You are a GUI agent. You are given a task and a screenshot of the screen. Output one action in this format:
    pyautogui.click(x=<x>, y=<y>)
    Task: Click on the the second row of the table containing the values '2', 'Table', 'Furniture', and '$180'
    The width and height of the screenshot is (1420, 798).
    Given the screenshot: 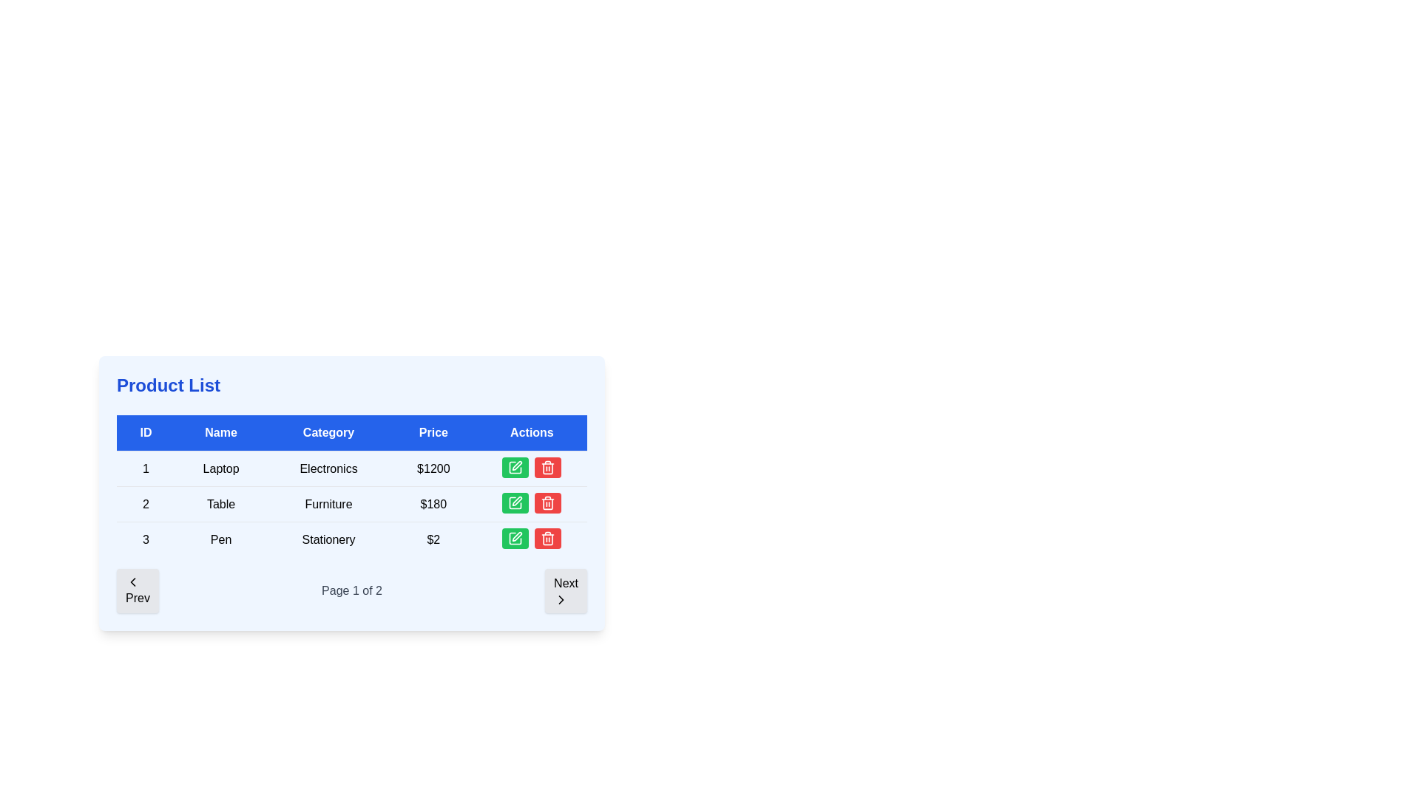 What is the action you would take?
    pyautogui.click(x=351, y=503)
    